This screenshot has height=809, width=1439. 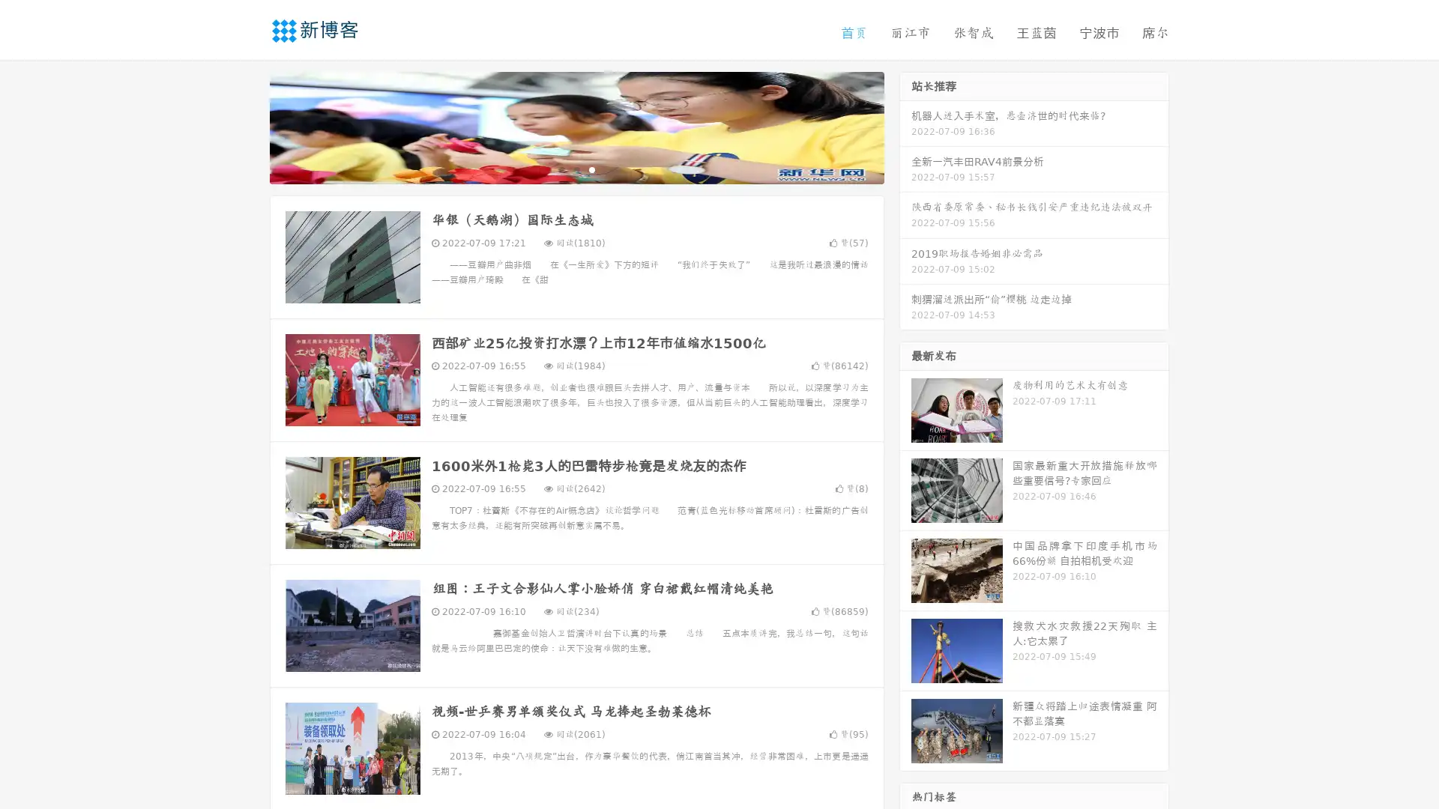 I want to click on Go to slide 3, so click(x=591, y=169).